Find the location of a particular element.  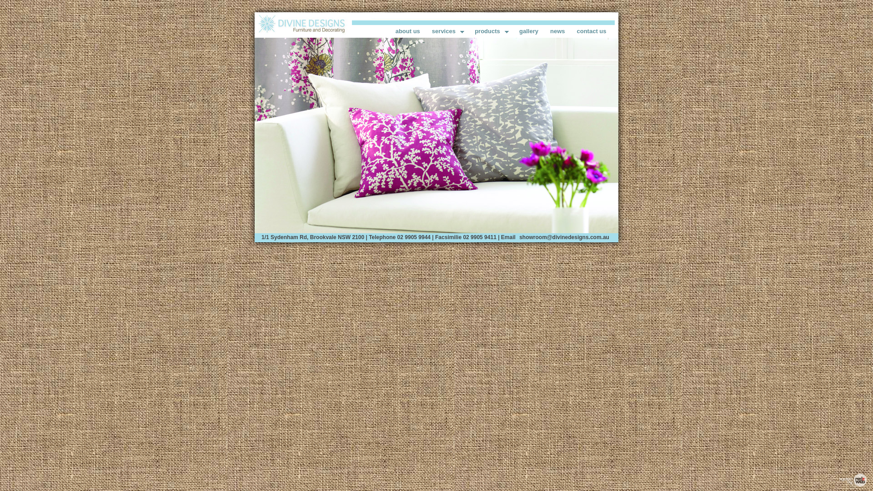

'gallery' is located at coordinates (513, 30).